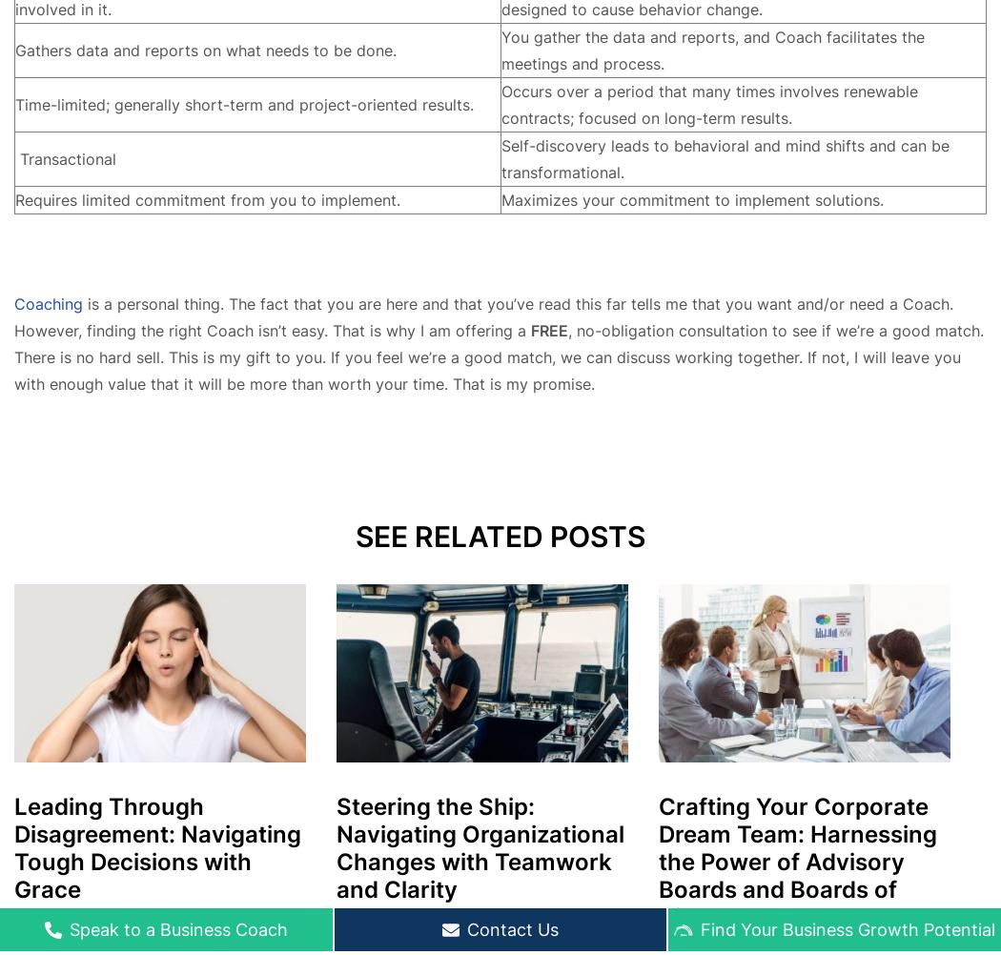 This screenshot has width=1001, height=955. Describe the element at coordinates (548, 329) in the screenshot. I see `'FREE'` at that location.